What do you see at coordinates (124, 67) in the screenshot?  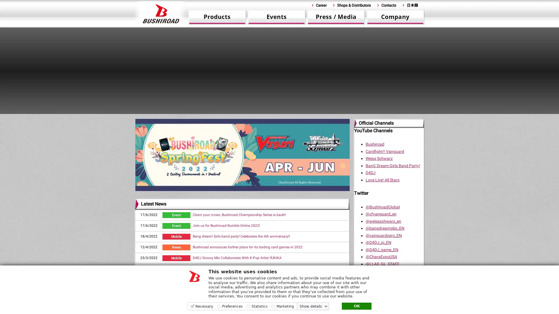 I see `Previous` at bounding box center [124, 67].